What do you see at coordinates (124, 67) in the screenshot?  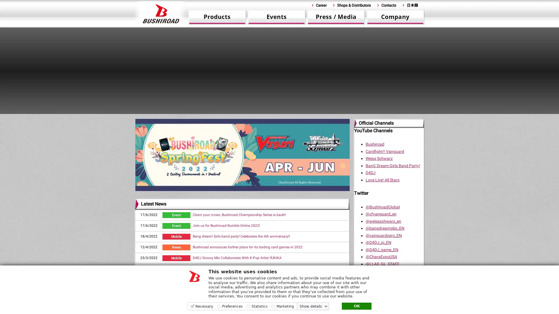 I see `Previous` at bounding box center [124, 67].